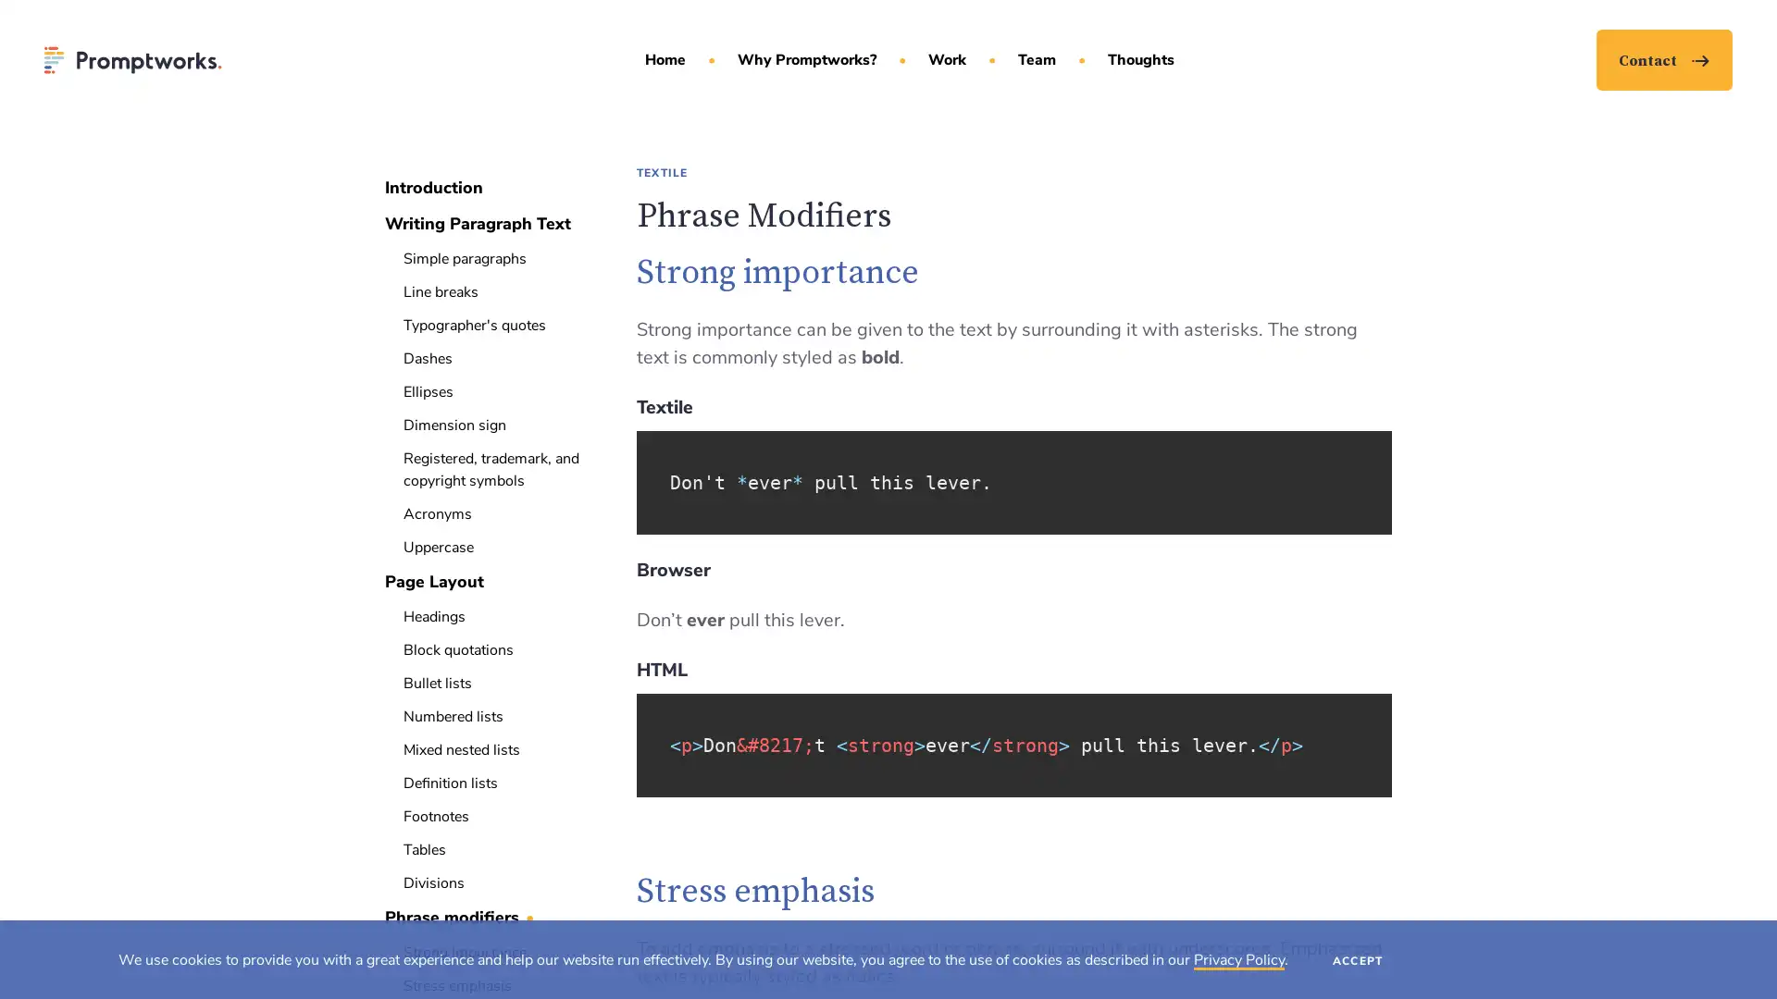 This screenshot has width=1777, height=999. What do you see at coordinates (946, 59) in the screenshot?
I see `Work` at bounding box center [946, 59].